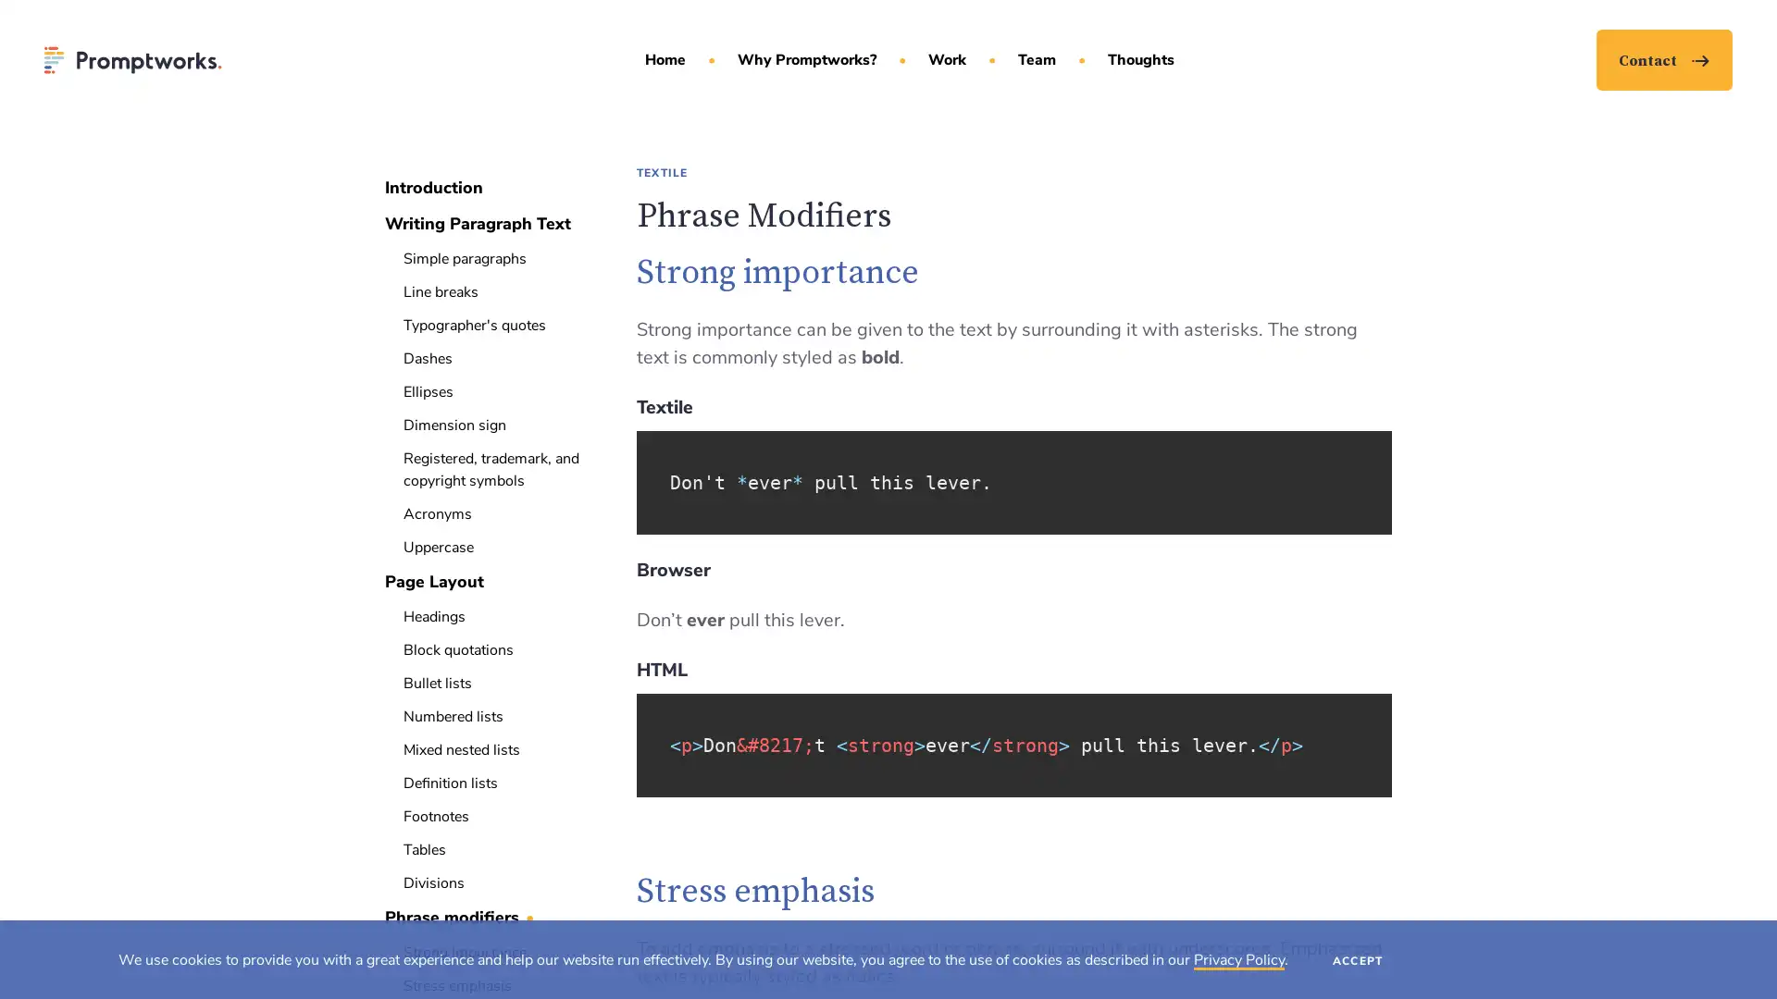 This screenshot has width=1777, height=999. What do you see at coordinates (946, 59) in the screenshot?
I see `Work` at bounding box center [946, 59].